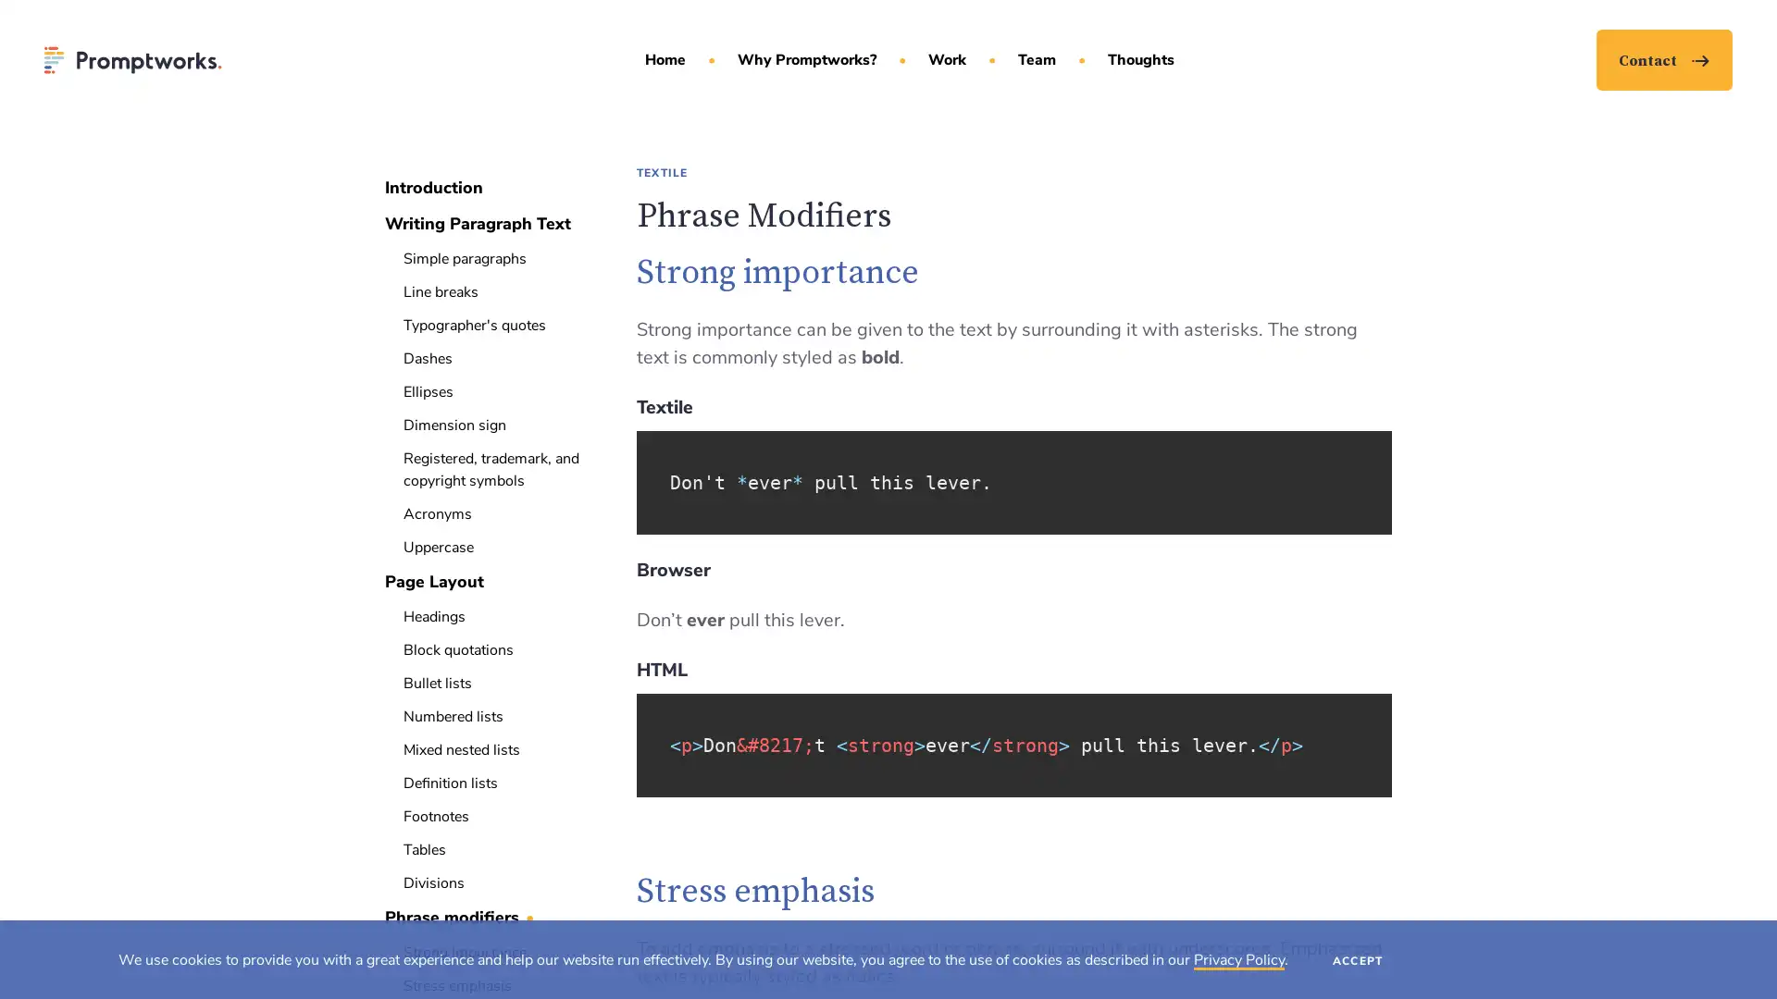 This screenshot has width=1777, height=999. What do you see at coordinates (946, 59) in the screenshot?
I see `Work` at bounding box center [946, 59].